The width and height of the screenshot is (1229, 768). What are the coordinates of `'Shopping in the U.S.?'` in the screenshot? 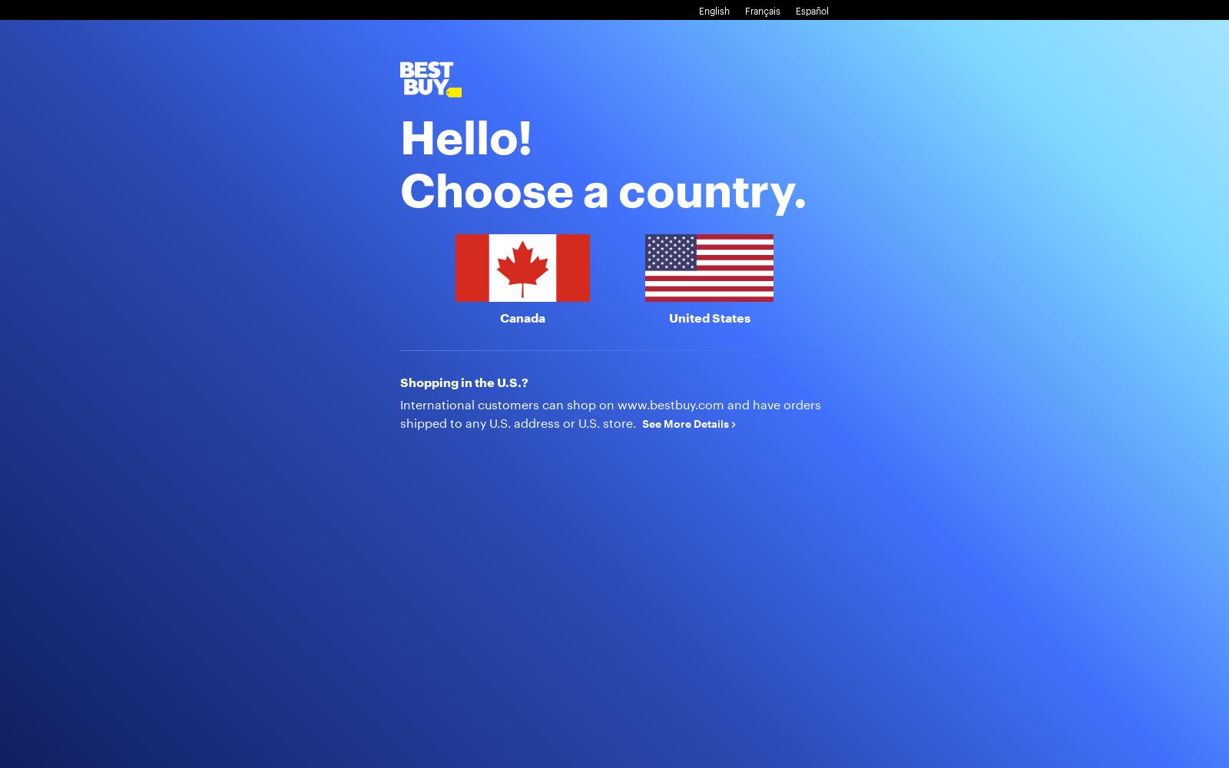 It's located at (399, 380).